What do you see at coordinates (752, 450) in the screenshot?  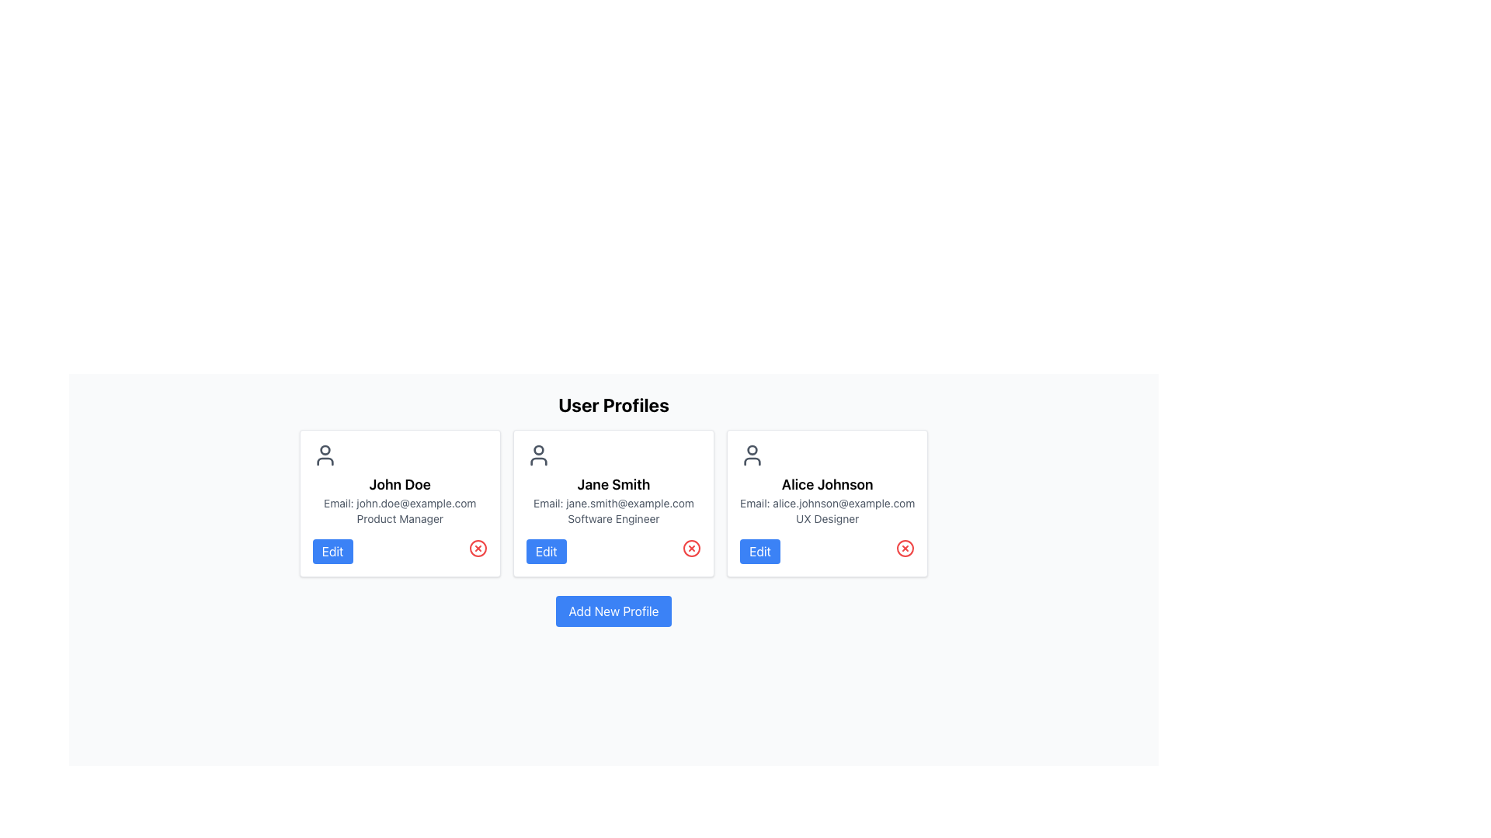 I see `the graphical circle element representing the head of the user icon for 'Alice Johnson'` at bounding box center [752, 450].